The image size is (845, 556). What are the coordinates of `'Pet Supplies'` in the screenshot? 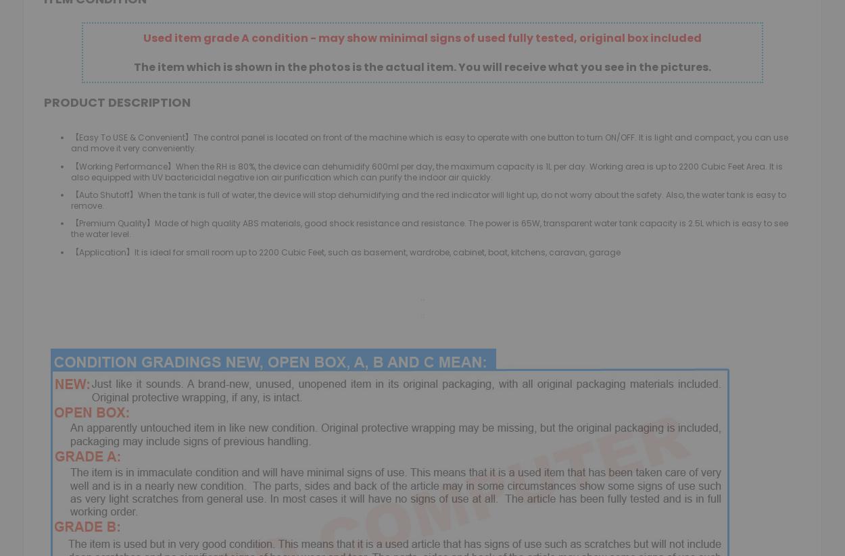 It's located at (302, 113).